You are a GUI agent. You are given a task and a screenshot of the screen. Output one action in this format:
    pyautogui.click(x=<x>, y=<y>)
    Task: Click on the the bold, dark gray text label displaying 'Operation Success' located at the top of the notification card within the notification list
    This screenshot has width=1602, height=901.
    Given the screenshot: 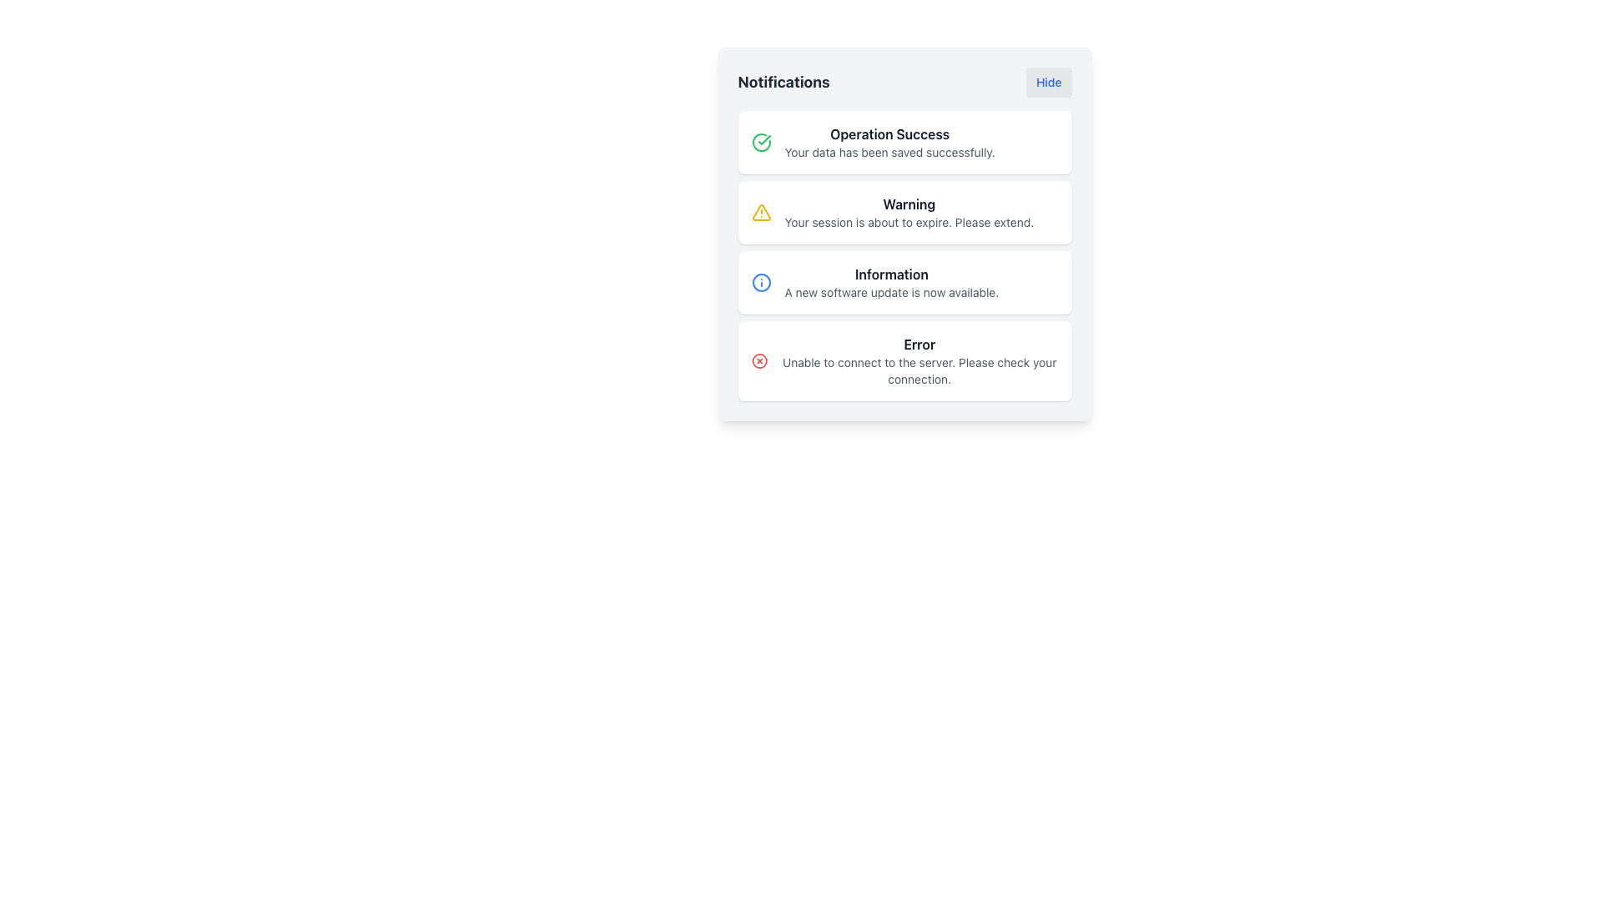 What is the action you would take?
    pyautogui.click(x=889, y=133)
    